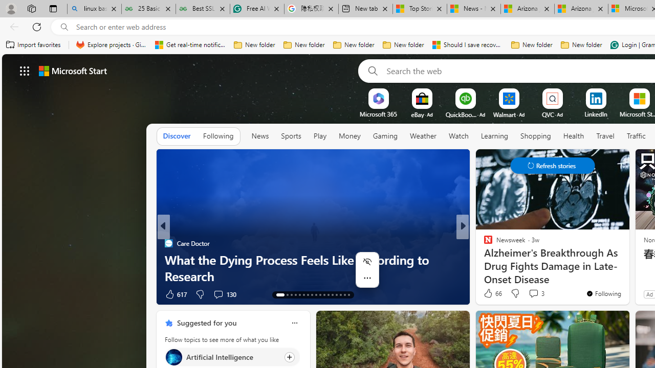 This screenshot has width=655, height=368. I want to click on 'tom', so click(483, 243).